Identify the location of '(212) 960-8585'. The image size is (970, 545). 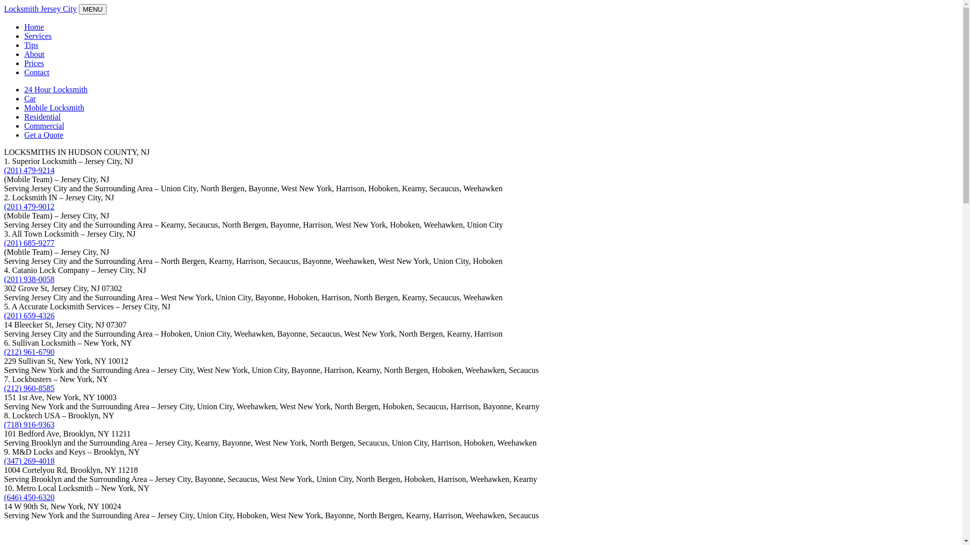
(29, 388).